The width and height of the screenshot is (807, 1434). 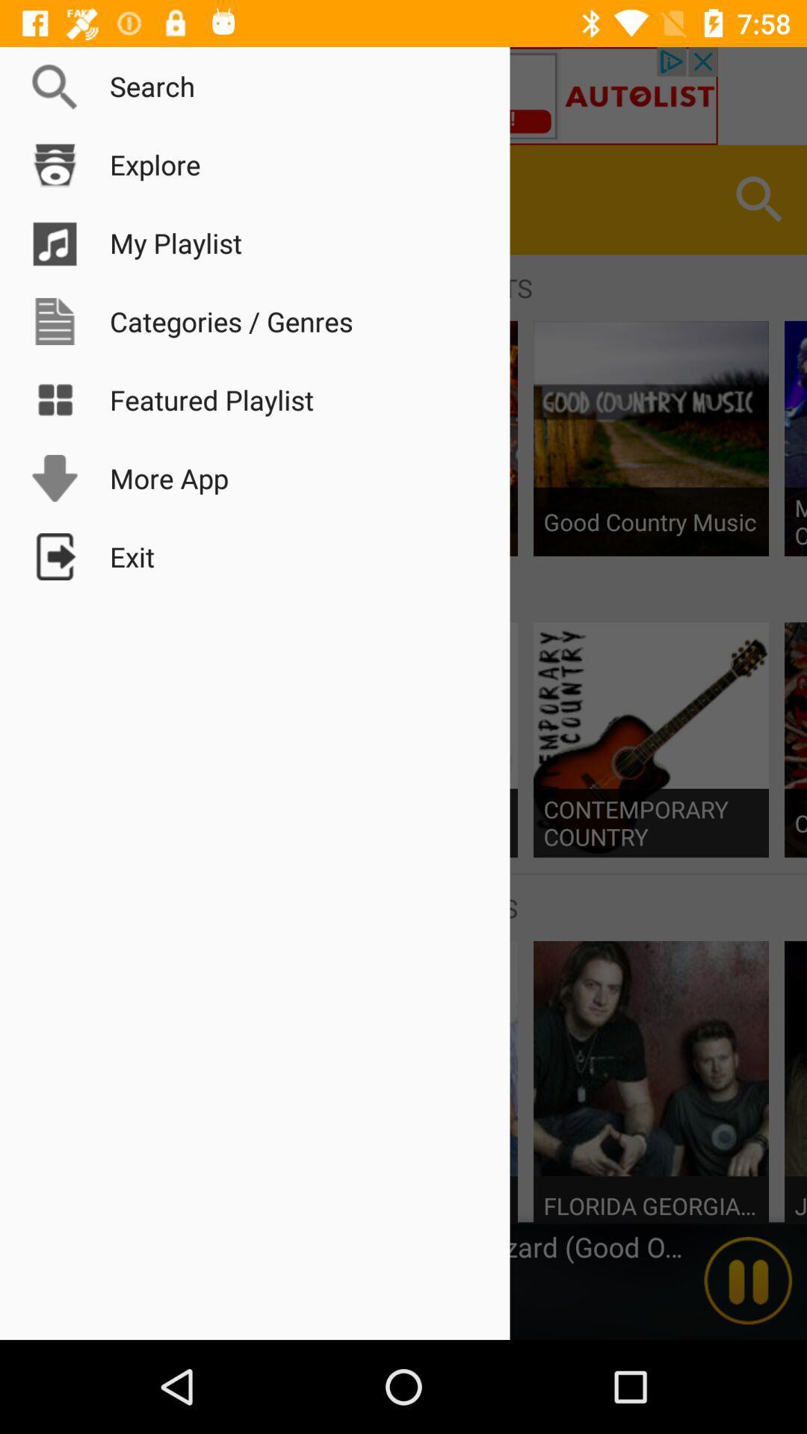 I want to click on the pause icon, so click(x=748, y=1280).